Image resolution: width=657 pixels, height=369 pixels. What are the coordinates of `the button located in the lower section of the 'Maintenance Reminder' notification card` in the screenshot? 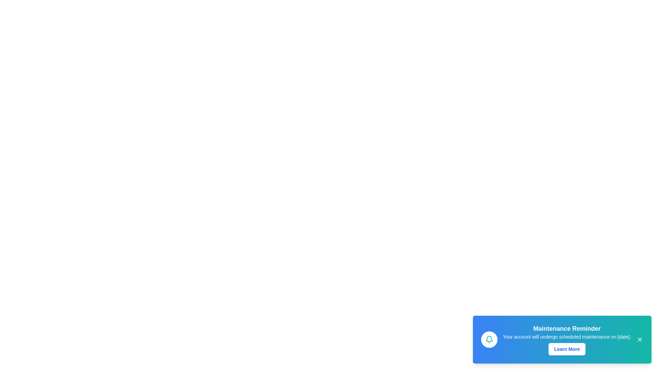 It's located at (567, 349).